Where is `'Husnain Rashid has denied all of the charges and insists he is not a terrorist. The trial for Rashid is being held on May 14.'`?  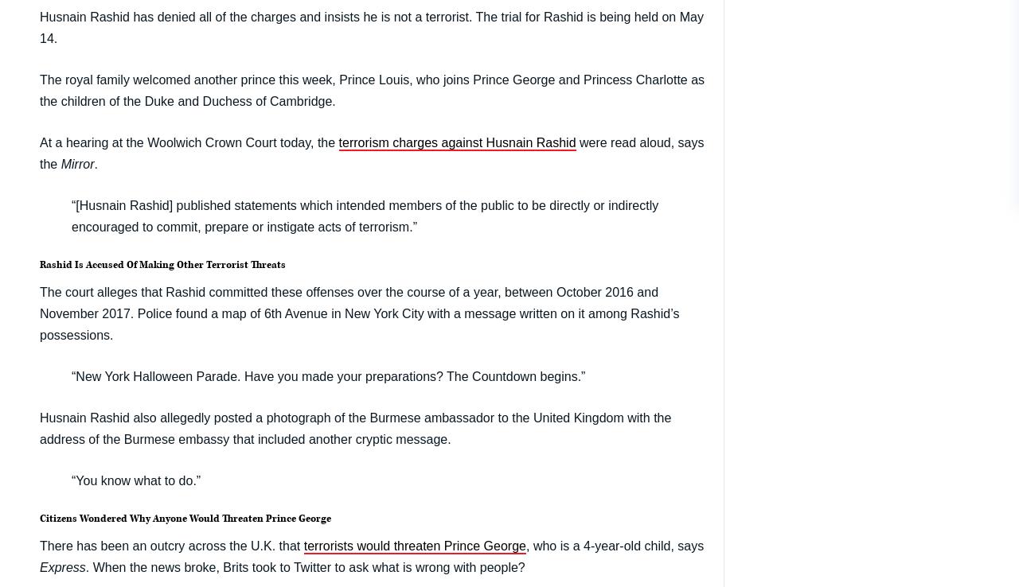
'Husnain Rashid has denied all of the charges and insists he is not a terrorist. The trial for Rashid is being held on May 14.' is located at coordinates (370, 26).